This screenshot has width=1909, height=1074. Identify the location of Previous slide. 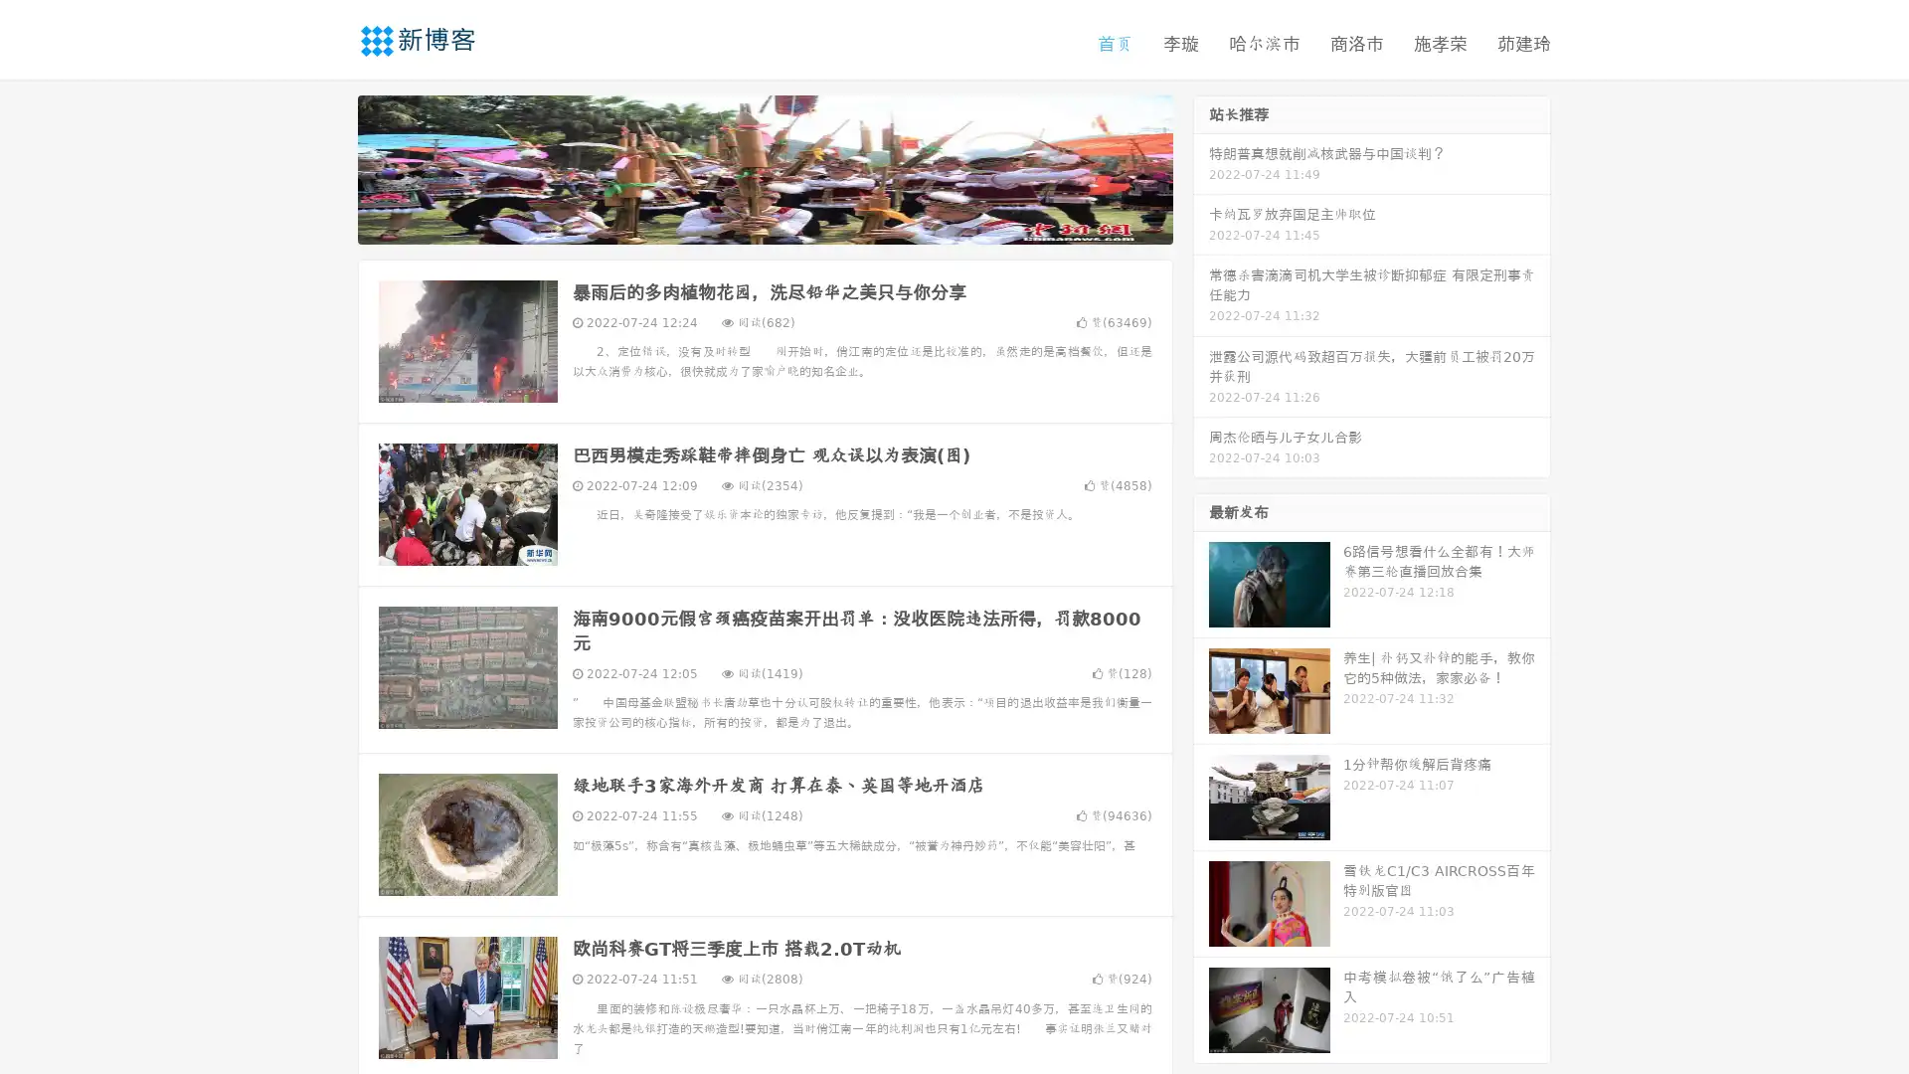
(328, 167).